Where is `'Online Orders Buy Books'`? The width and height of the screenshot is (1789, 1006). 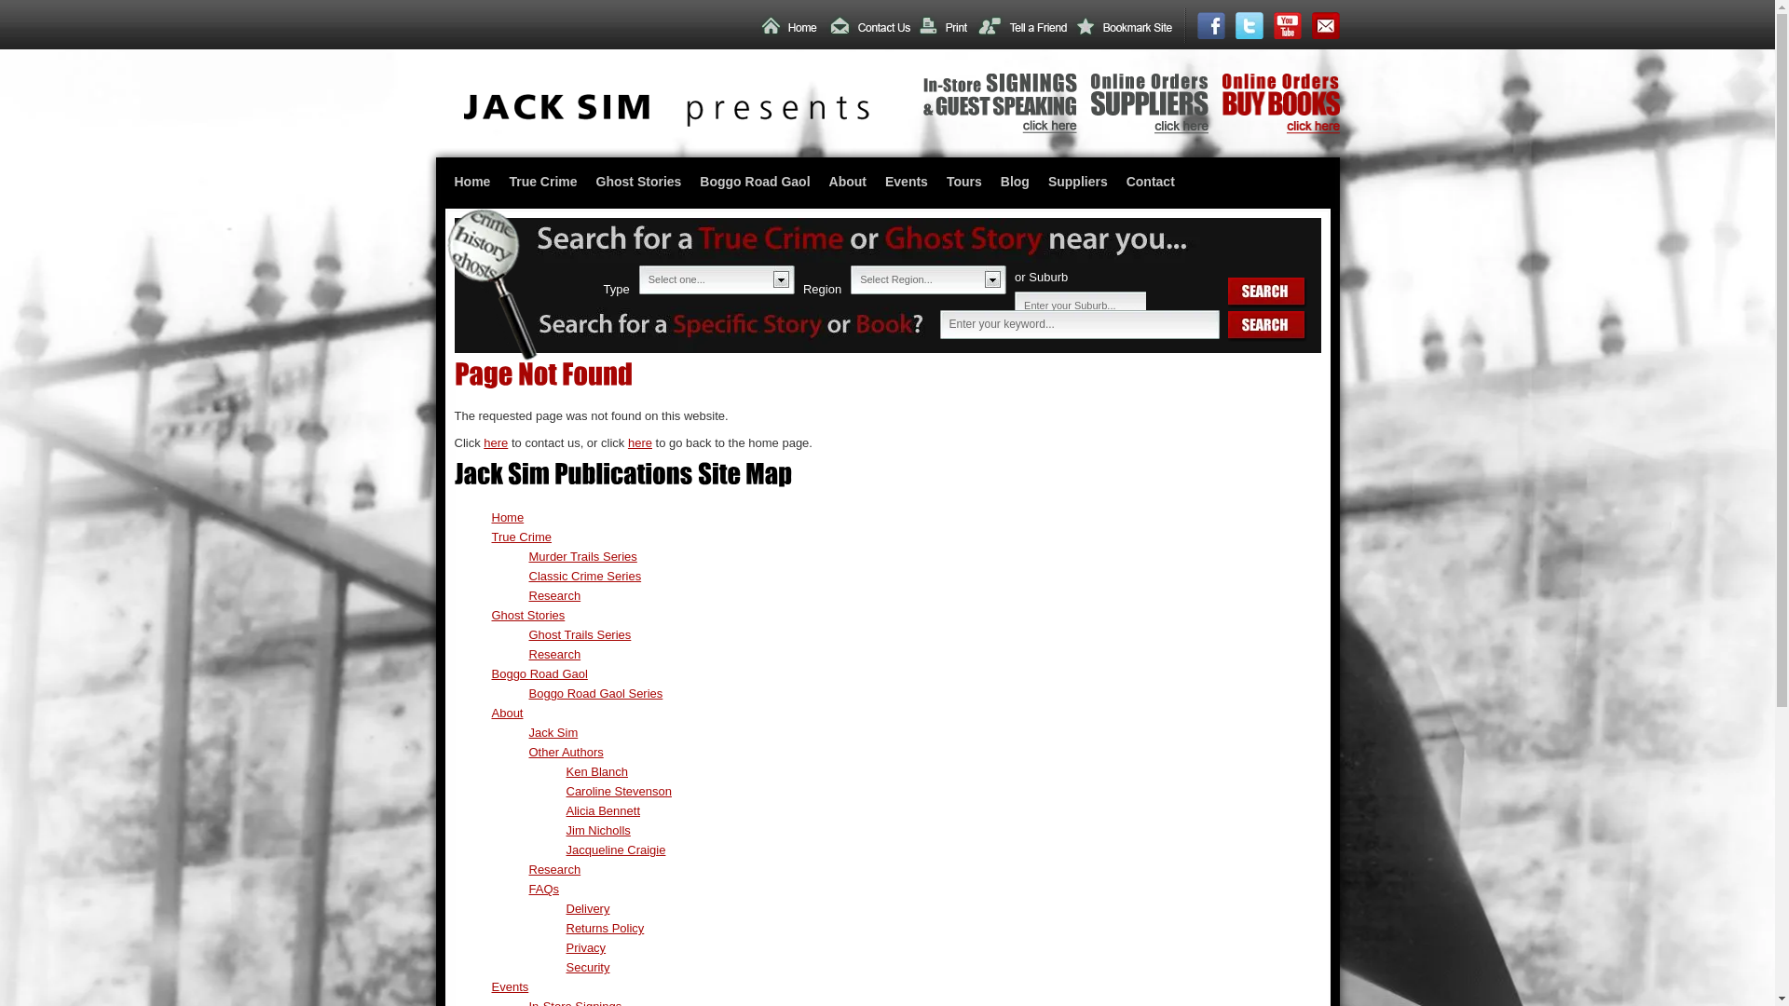 'Online Orders Buy Books' is located at coordinates (1279, 129).